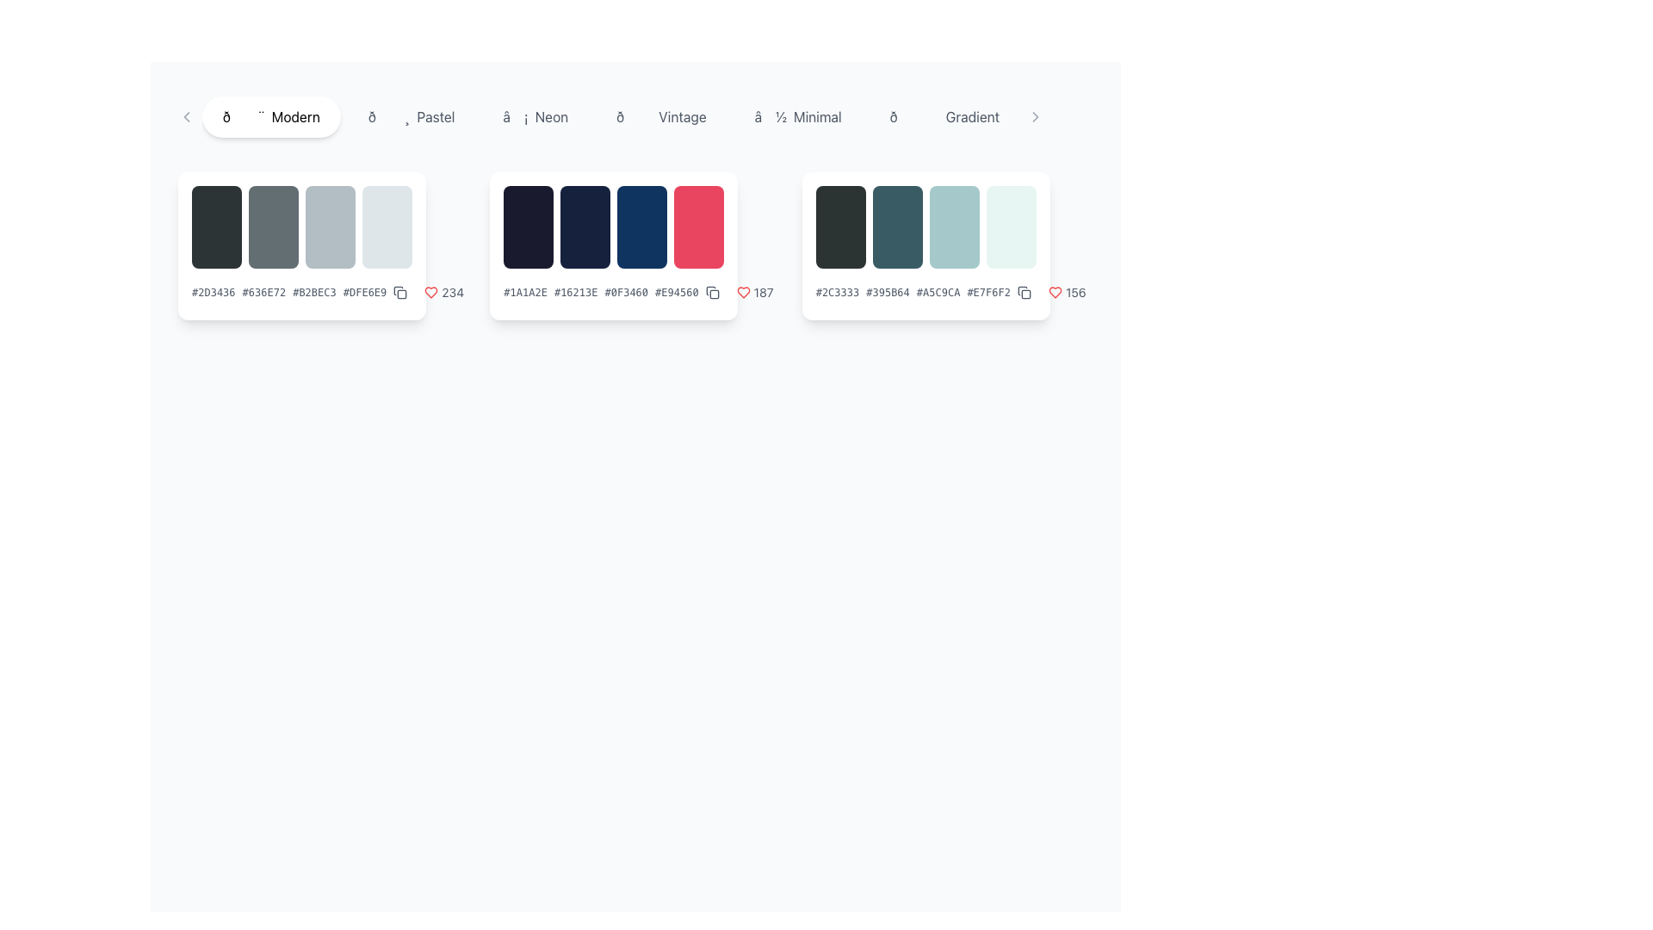 Image resolution: width=1653 pixels, height=930 pixels. What do you see at coordinates (763, 291) in the screenshot?
I see `the text element displaying the count of likes or favorites, which is located to the right of the heart-shaped icon in the third card from the left` at bounding box center [763, 291].